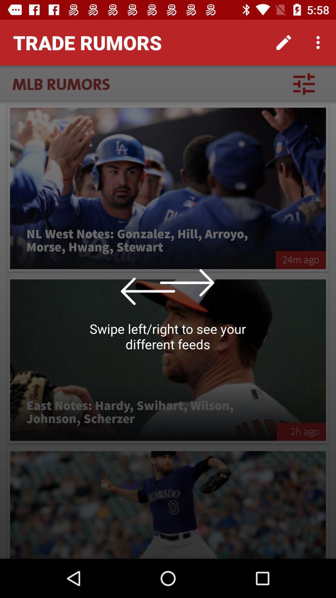  I want to click on nl west notes item, so click(143, 240).